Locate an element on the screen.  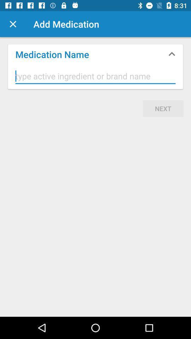
icon above medication name icon is located at coordinates (13, 24).